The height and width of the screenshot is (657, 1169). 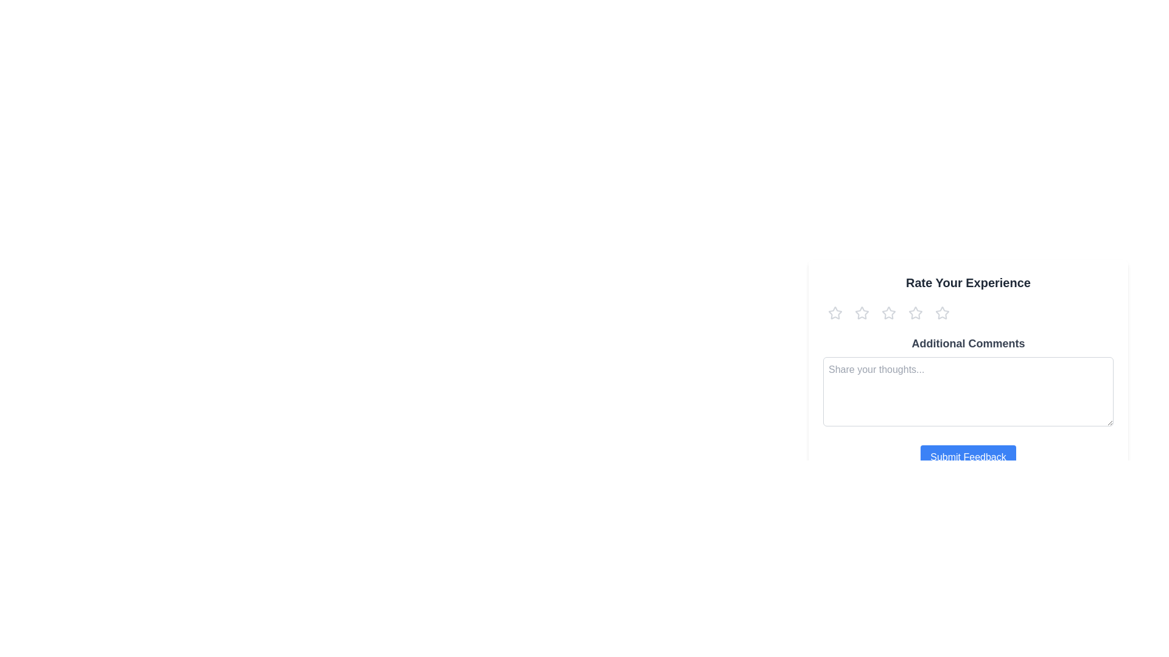 What do you see at coordinates (967, 313) in the screenshot?
I see `the second star of the Rating Component, which is located below the 'Rate Your Experience' title, to set the rating` at bounding box center [967, 313].